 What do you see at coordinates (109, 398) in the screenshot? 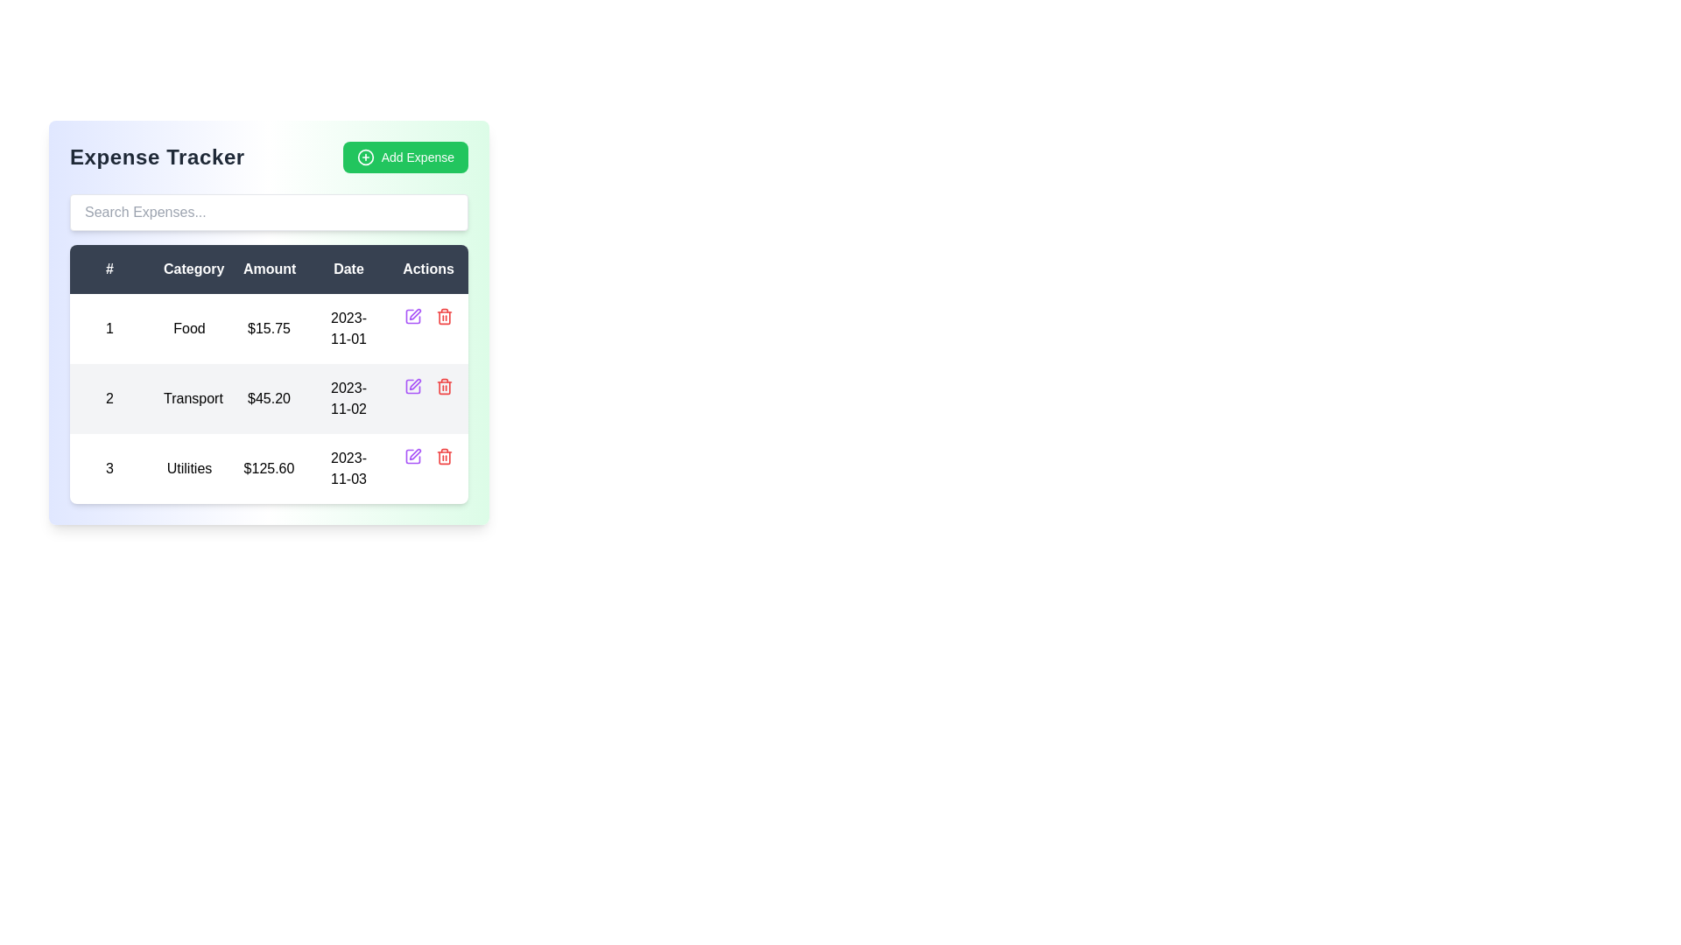
I see `the static text displaying the number '2' located in the first column of the second row of the table, under the '#' header` at bounding box center [109, 398].